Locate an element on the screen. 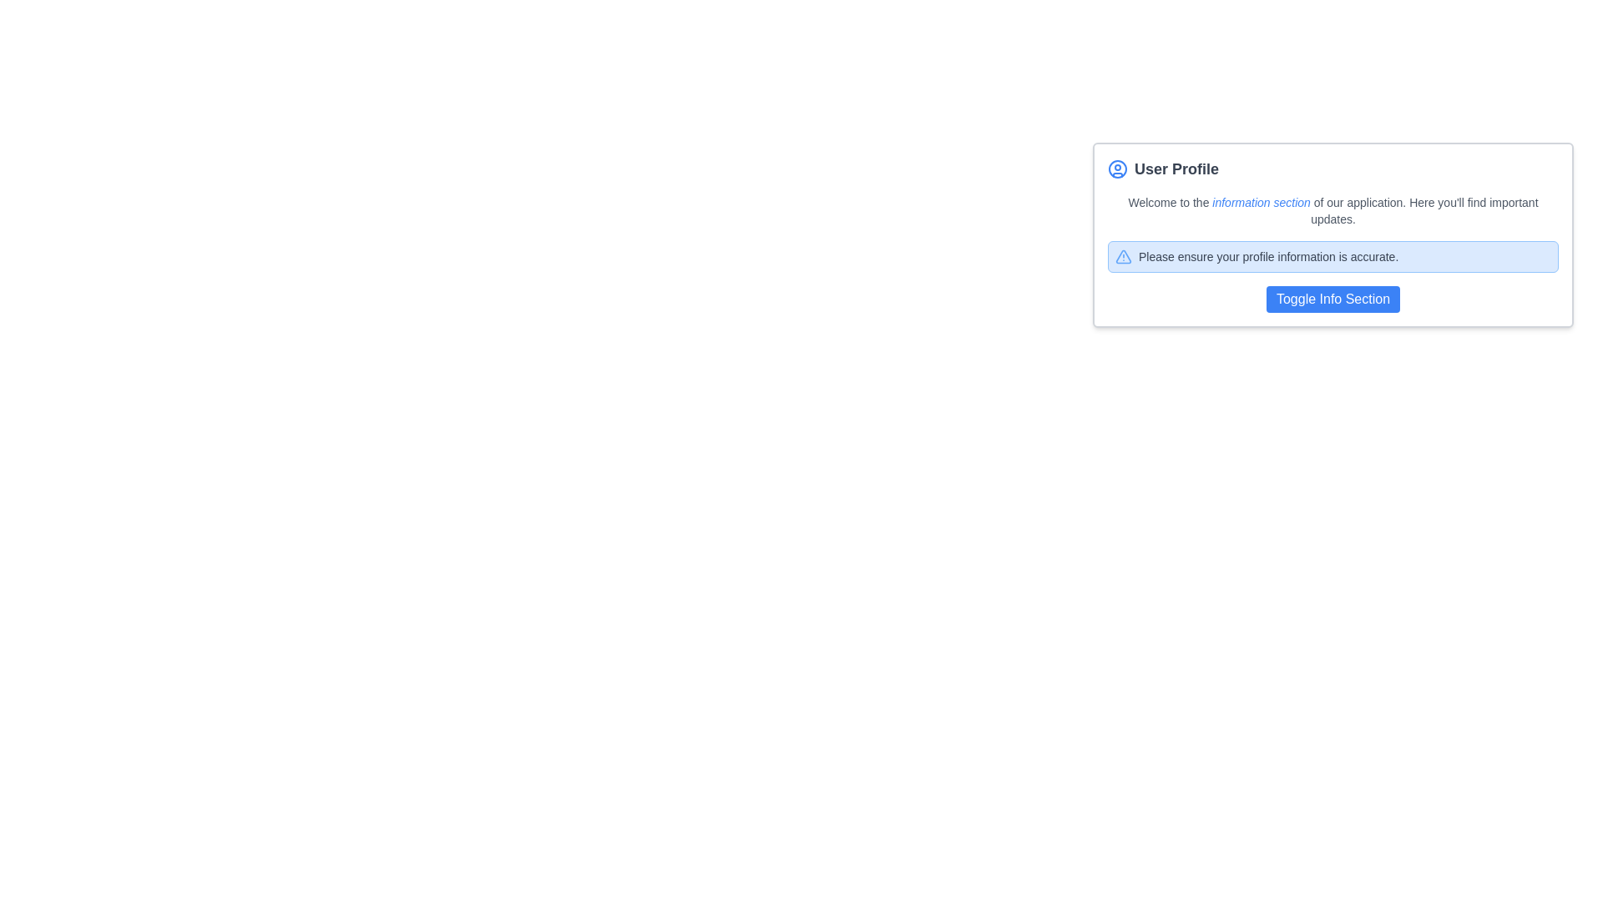 Image resolution: width=1603 pixels, height=901 pixels. the informational message with icon that prompts users to verify their profile data, located near the center-right of the interface, above the 'Toggle Info Section' button is located at coordinates (1332, 257).